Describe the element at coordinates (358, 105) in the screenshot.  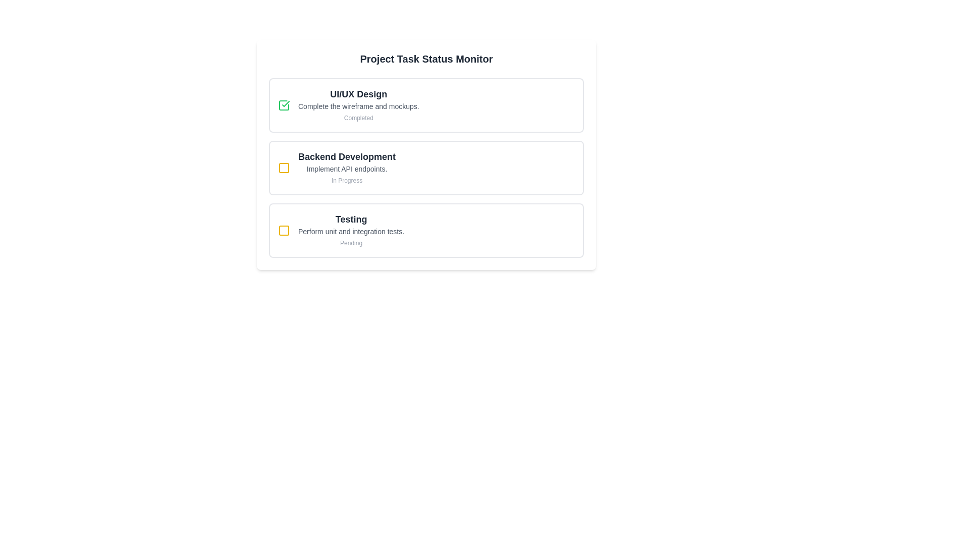
I see `the textual content block representing the first task in the task tracker interface, which includes the task title, description, and completion status` at that location.